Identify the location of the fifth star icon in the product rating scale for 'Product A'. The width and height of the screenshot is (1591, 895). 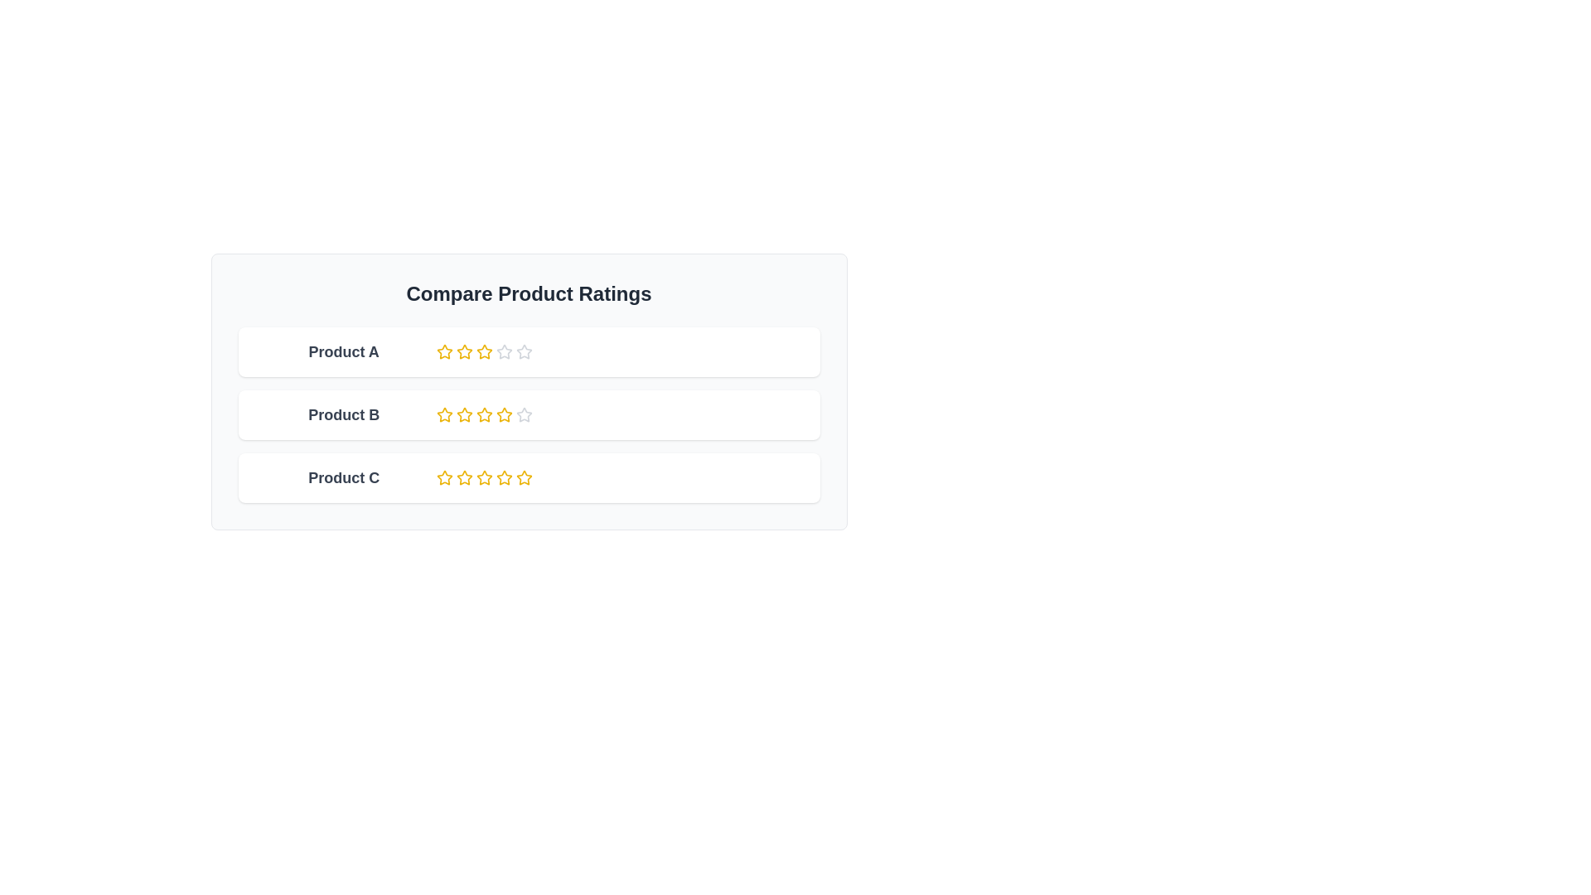
(503, 351).